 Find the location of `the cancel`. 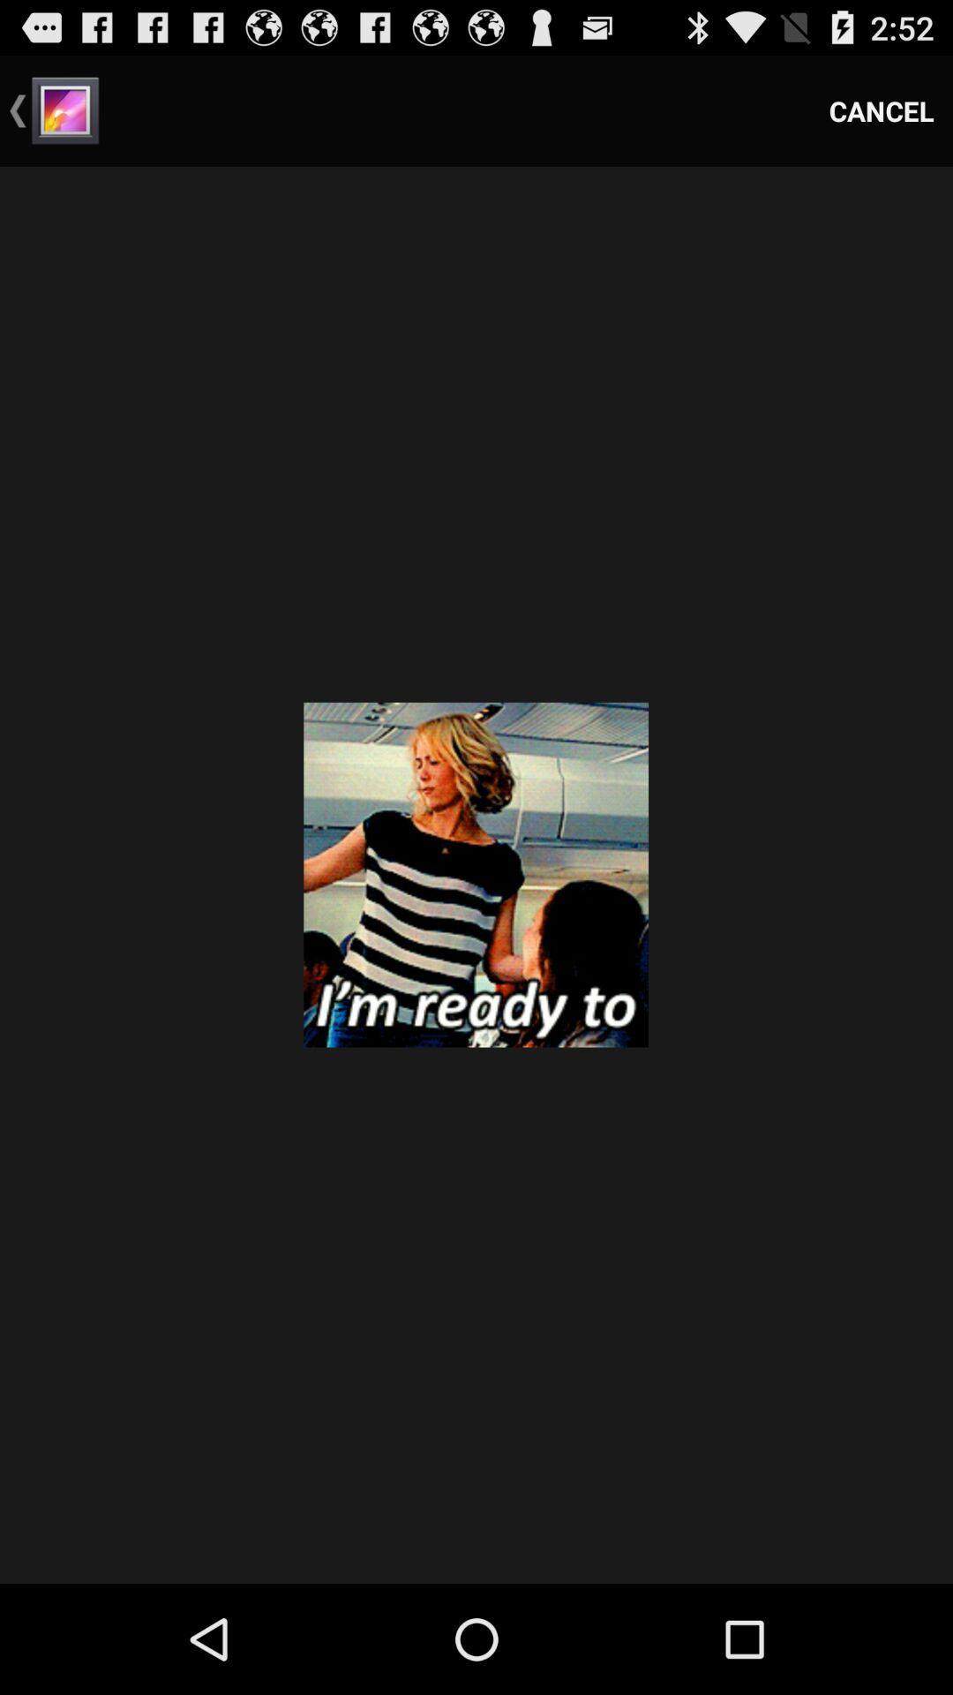

the cancel is located at coordinates (882, 109).